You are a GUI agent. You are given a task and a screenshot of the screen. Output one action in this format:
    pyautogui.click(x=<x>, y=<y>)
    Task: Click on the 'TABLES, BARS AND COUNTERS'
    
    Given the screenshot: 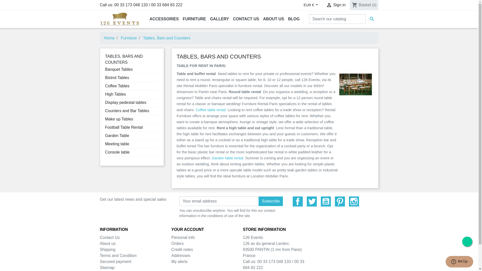 What is the action you would take?
    pyautogui.click(x=104, y=59)
    